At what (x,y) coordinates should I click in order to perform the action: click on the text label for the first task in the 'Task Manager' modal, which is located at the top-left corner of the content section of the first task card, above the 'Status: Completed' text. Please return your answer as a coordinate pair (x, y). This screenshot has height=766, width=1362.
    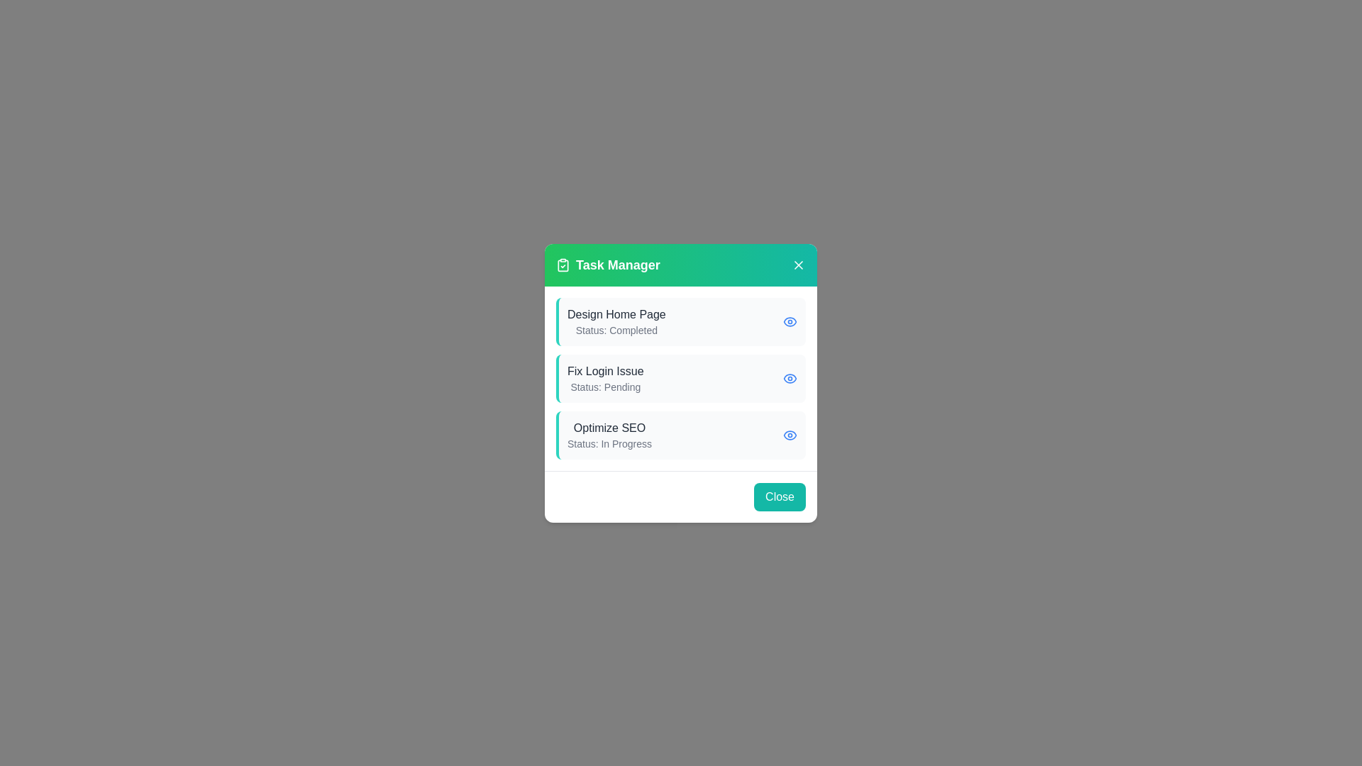
    Looking at the image, I should click on (616, 313).